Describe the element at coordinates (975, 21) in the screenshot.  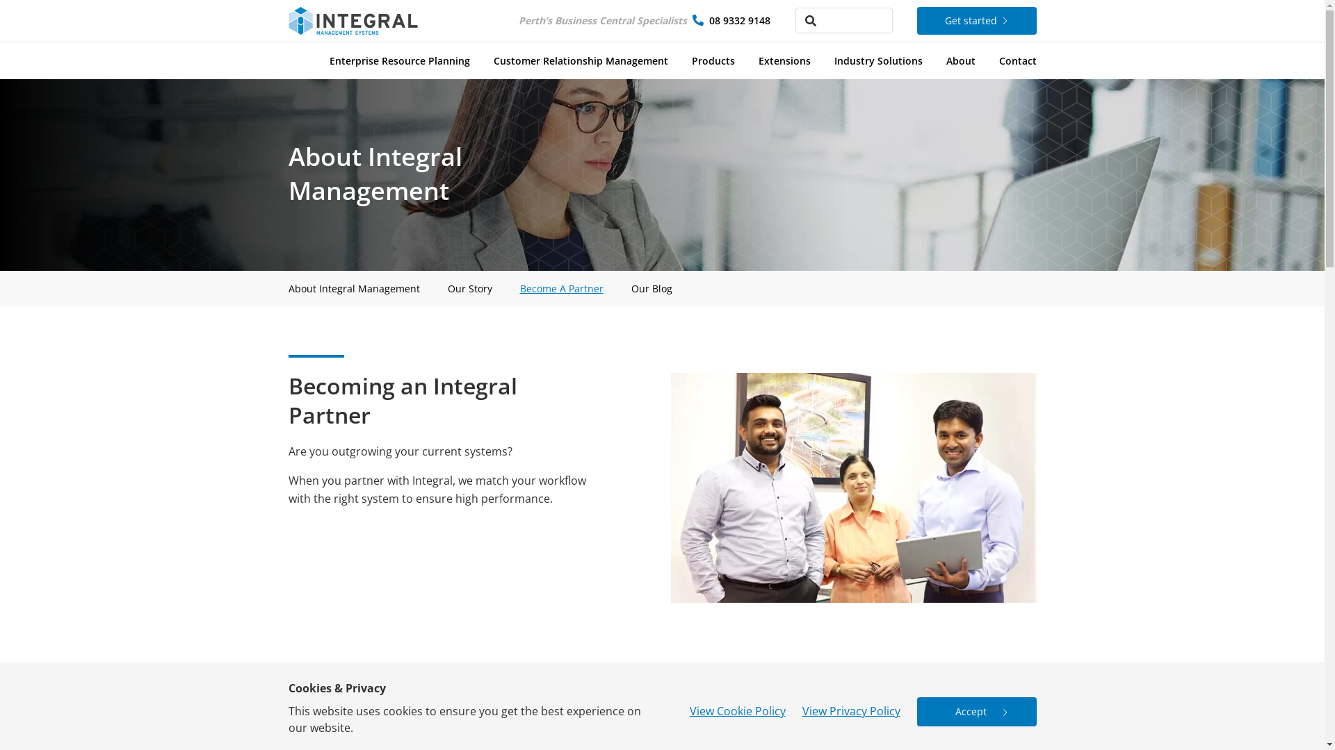
I see `'Get started'` at that location.